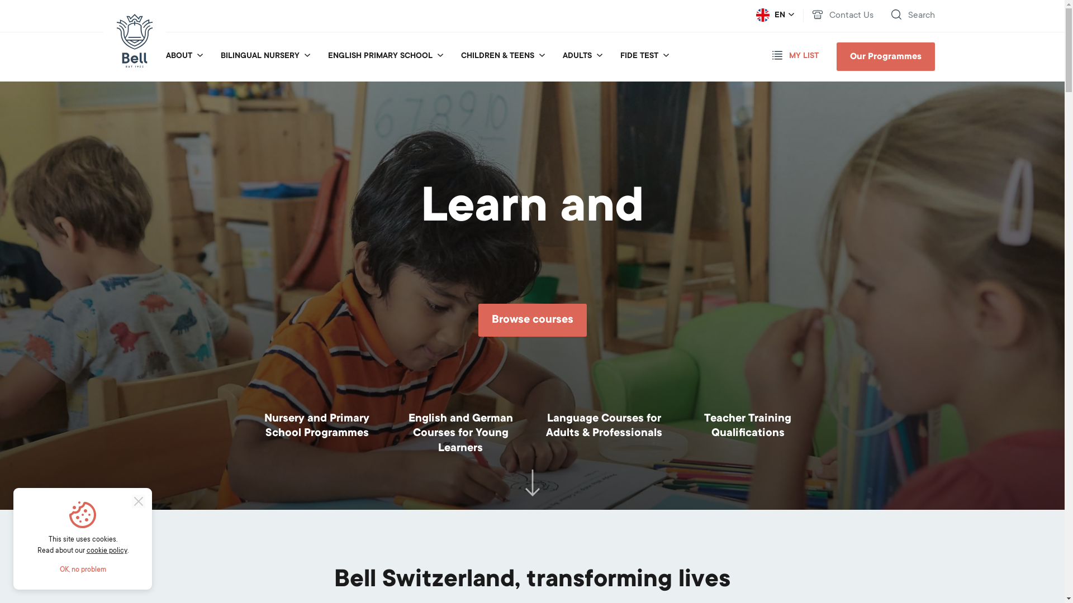  Describe the element at coordinates (82, 570) in the screenshot. I see `'OK, no problem'` at that location.